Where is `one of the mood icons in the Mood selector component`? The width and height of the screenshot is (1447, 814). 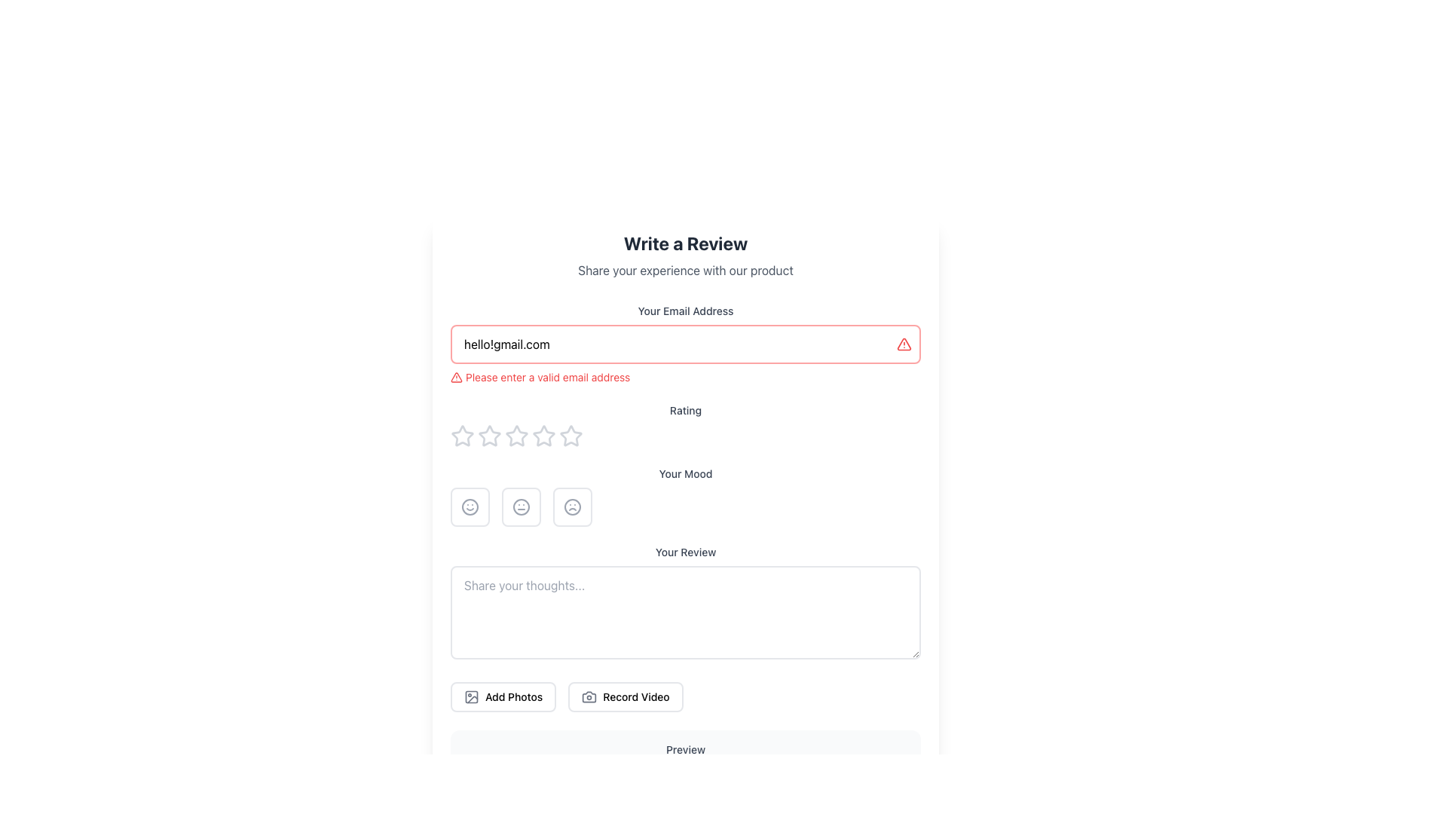
one of the mood icons in the Mood selector component is located at coordinates (685, 497).